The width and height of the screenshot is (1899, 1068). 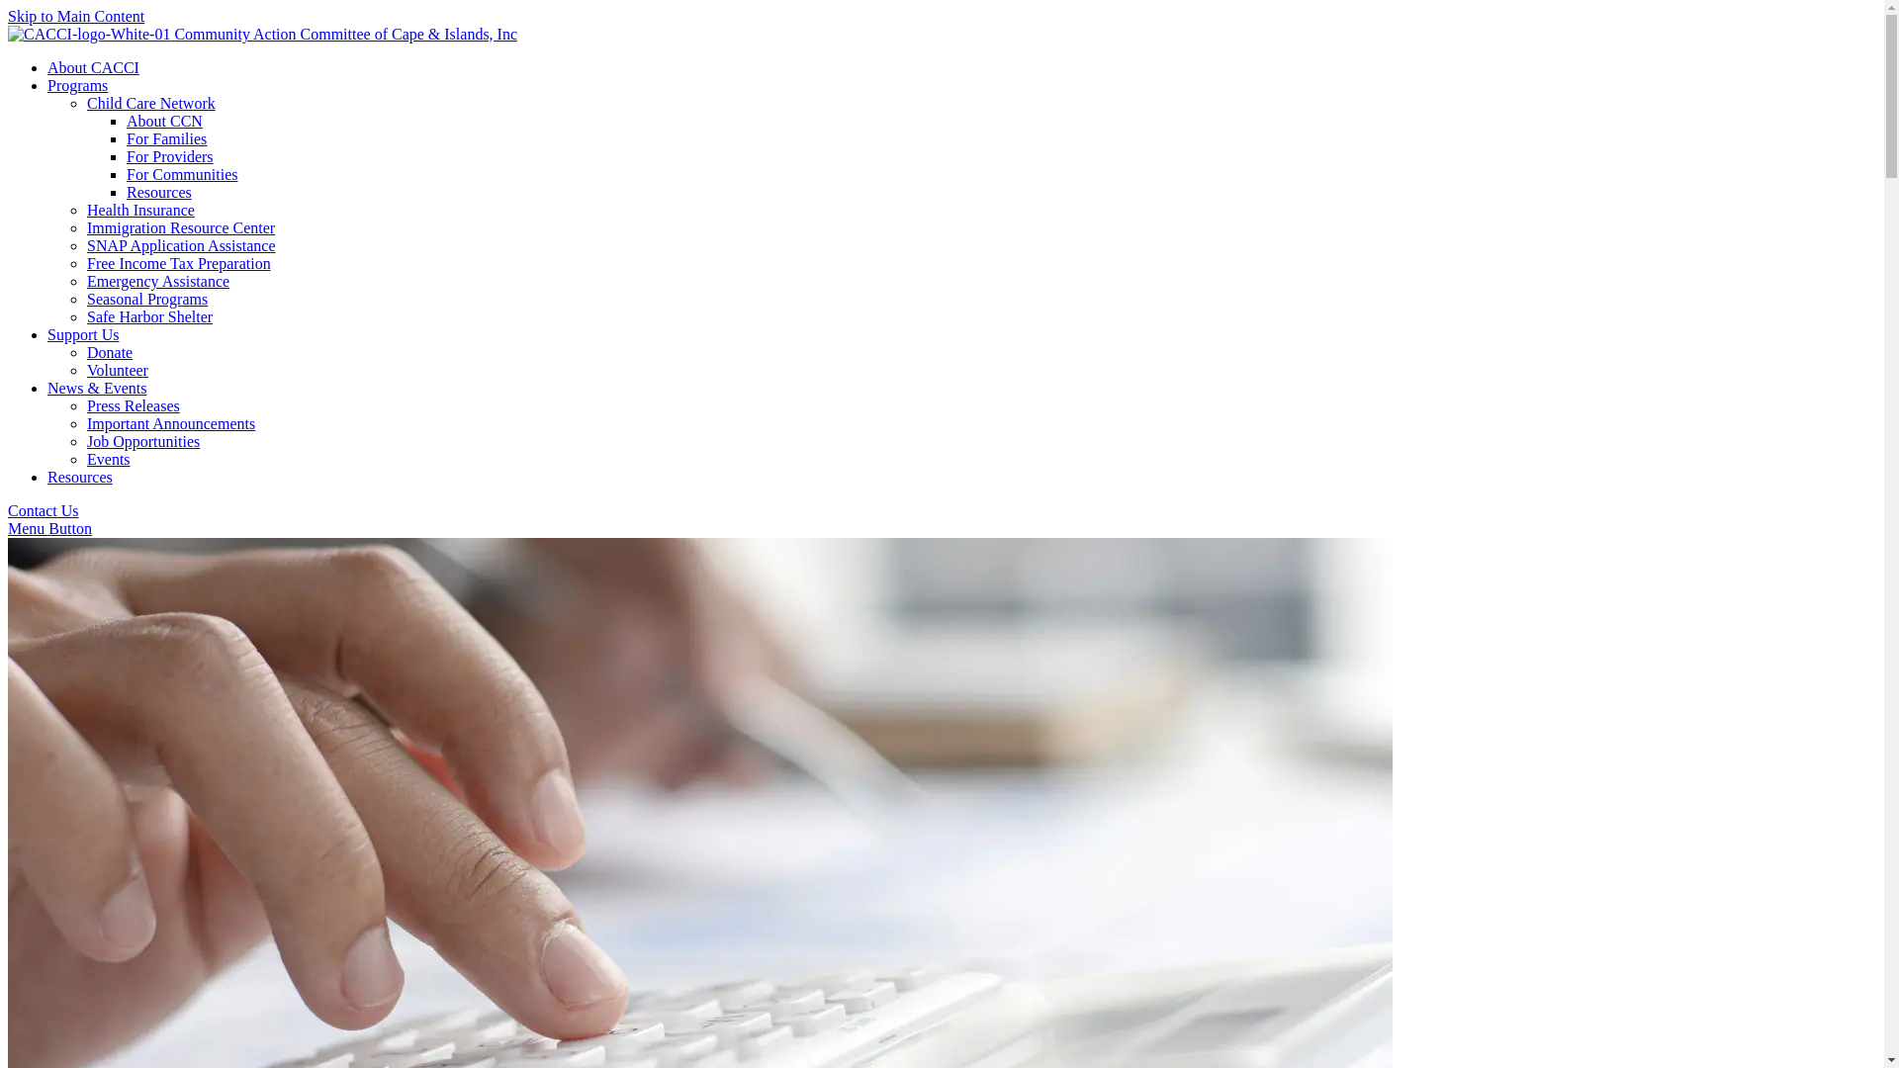 I want to click on 'Health Insurance', so click(x=139, y=210).